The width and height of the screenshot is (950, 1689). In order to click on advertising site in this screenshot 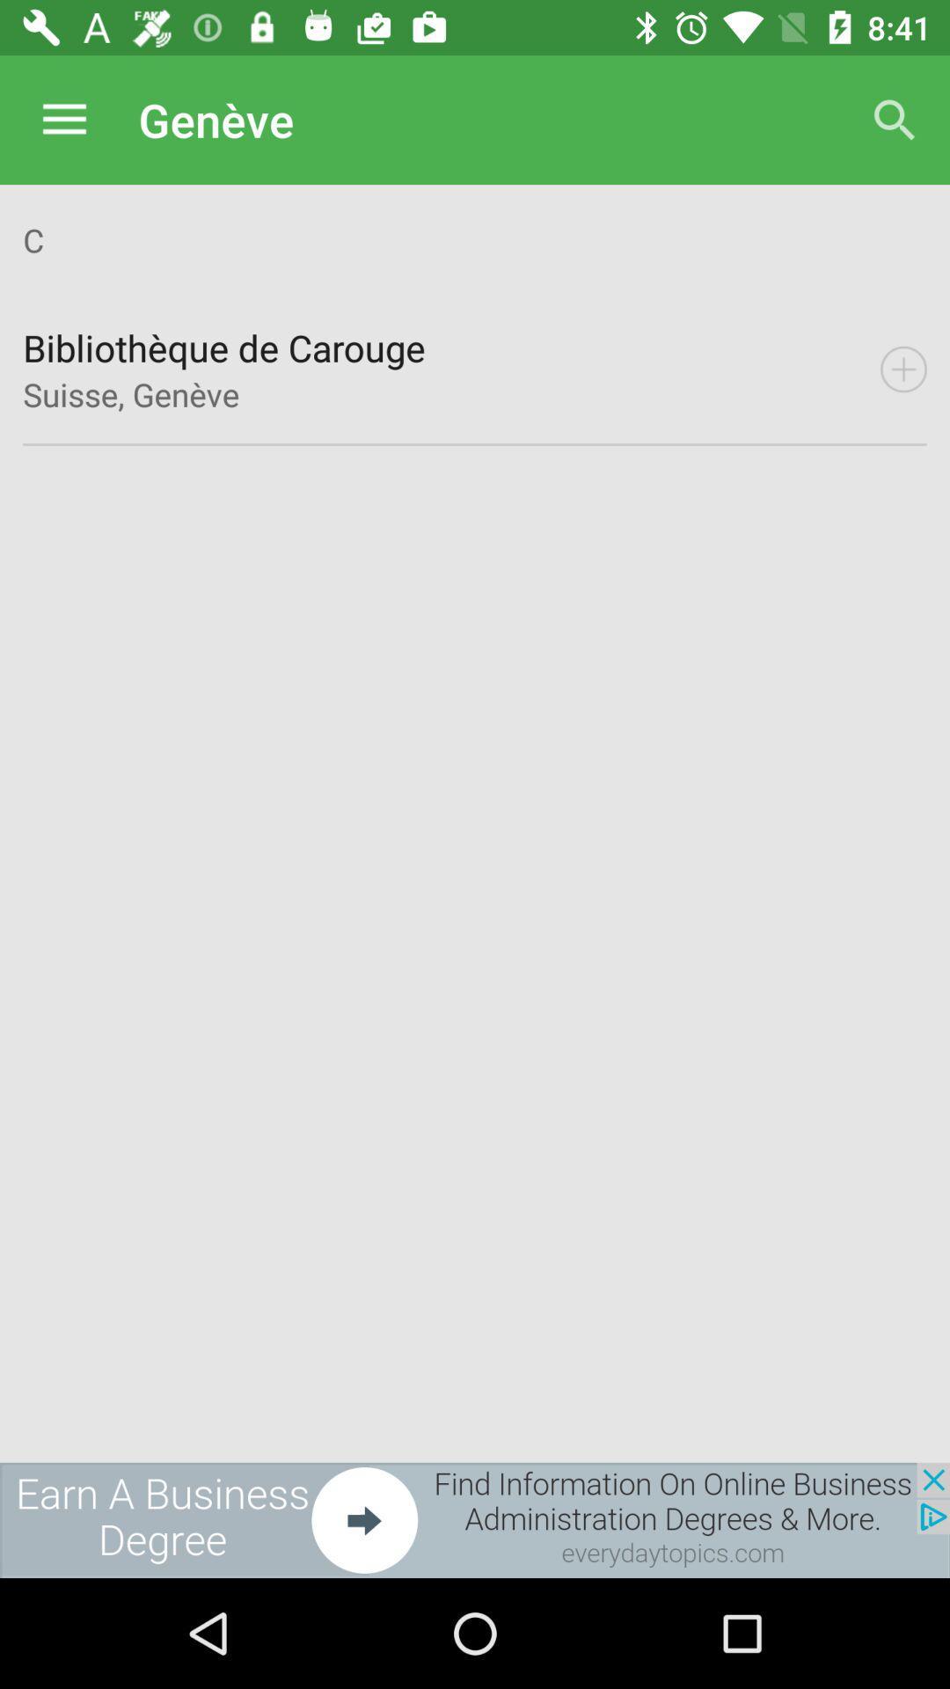, I will do `click(475, 1519)`.